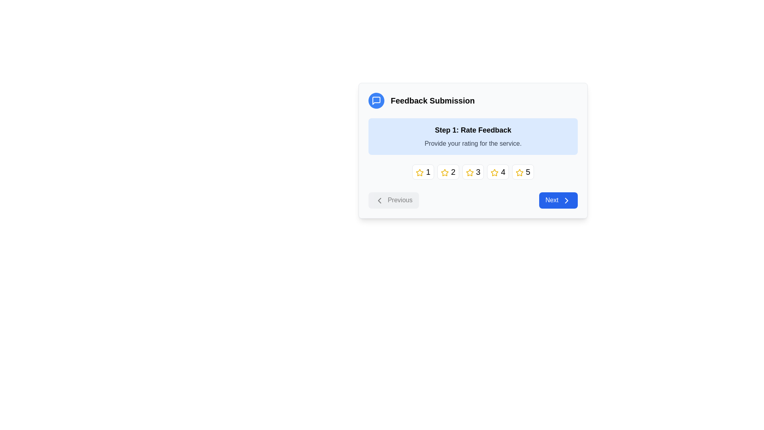 The width and height of the screenshot is (764, 430). What do you see at coordinates (566, 199) in the screenshot?
I see `the decorative chevron icon indicating progression to the next step in the feedback submission process` at bounding box center [566, 199].